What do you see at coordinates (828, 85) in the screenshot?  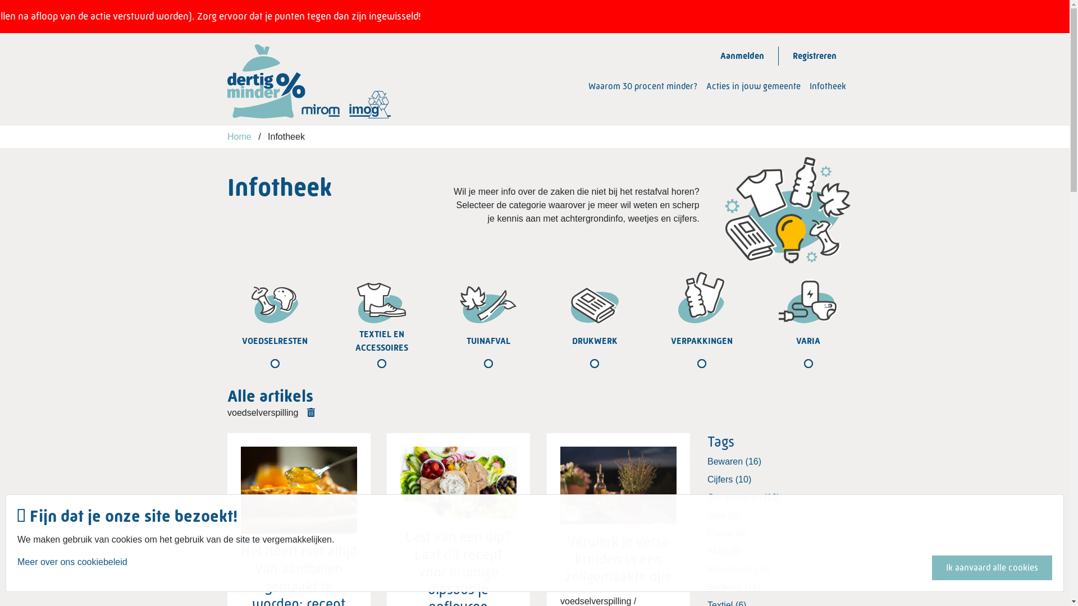 I see `'Infotheek'` at bounding box center [828, 85].